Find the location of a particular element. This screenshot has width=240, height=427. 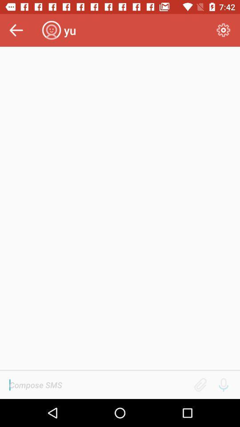

the icon at the top right corner is located at coordinates (223, 30).